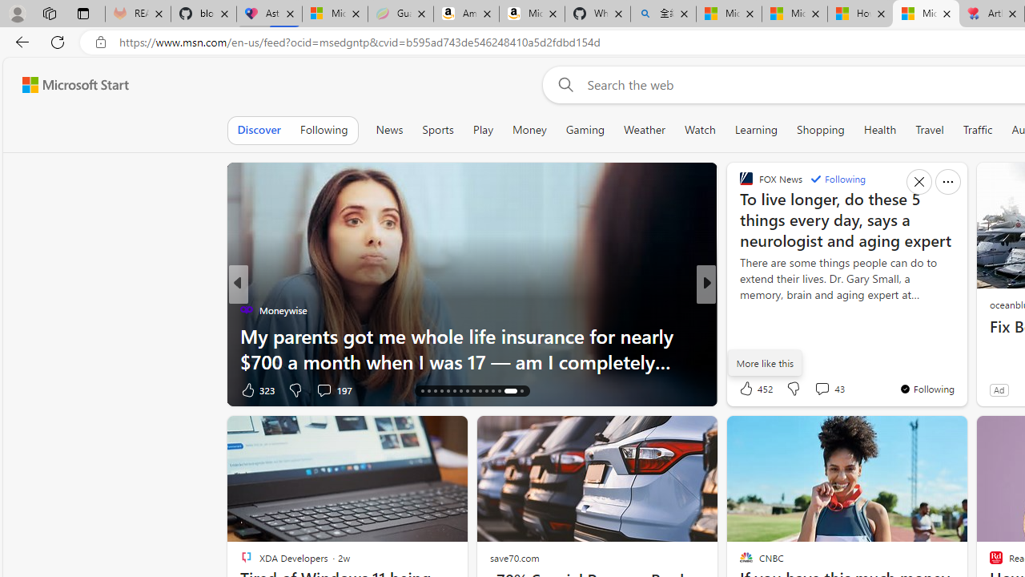 The width and height of the screenshot is (1025, 577). Describe the element at coordinates (521, 391) in the screenshot. I see `'AutomationID: tab-30'` at that location.